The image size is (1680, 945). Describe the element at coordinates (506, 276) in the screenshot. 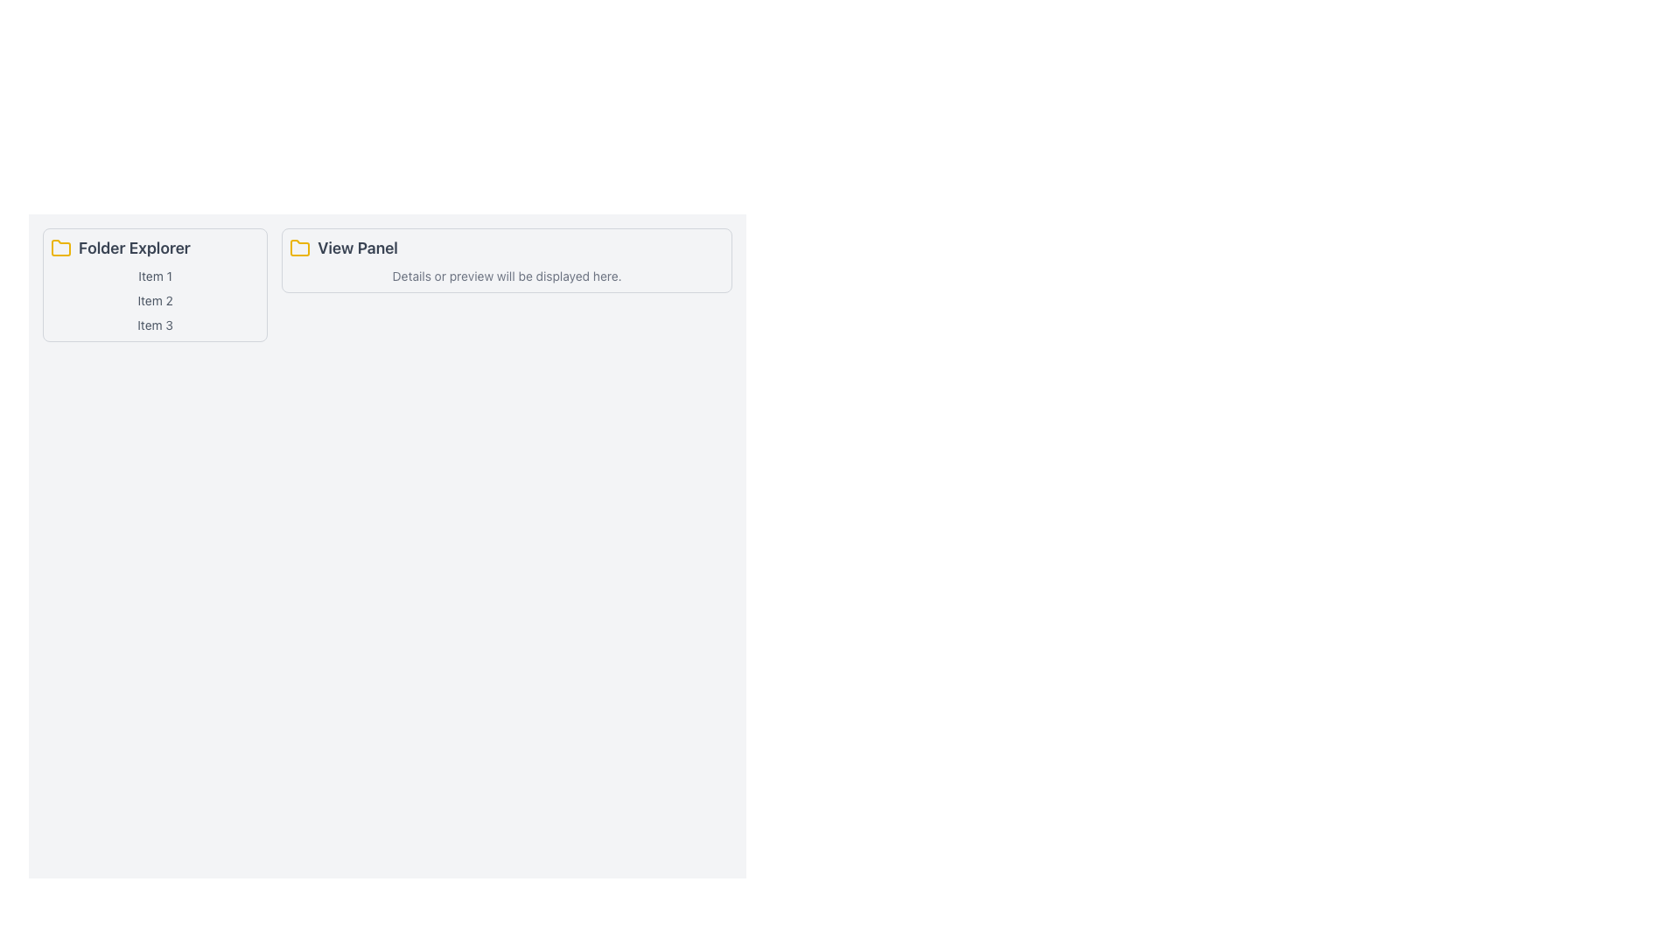

I see `the text display stating 'Details or preview will be displayed here.' which is centrally aligned in the lower portion of the 'View Panel' section` at that location.